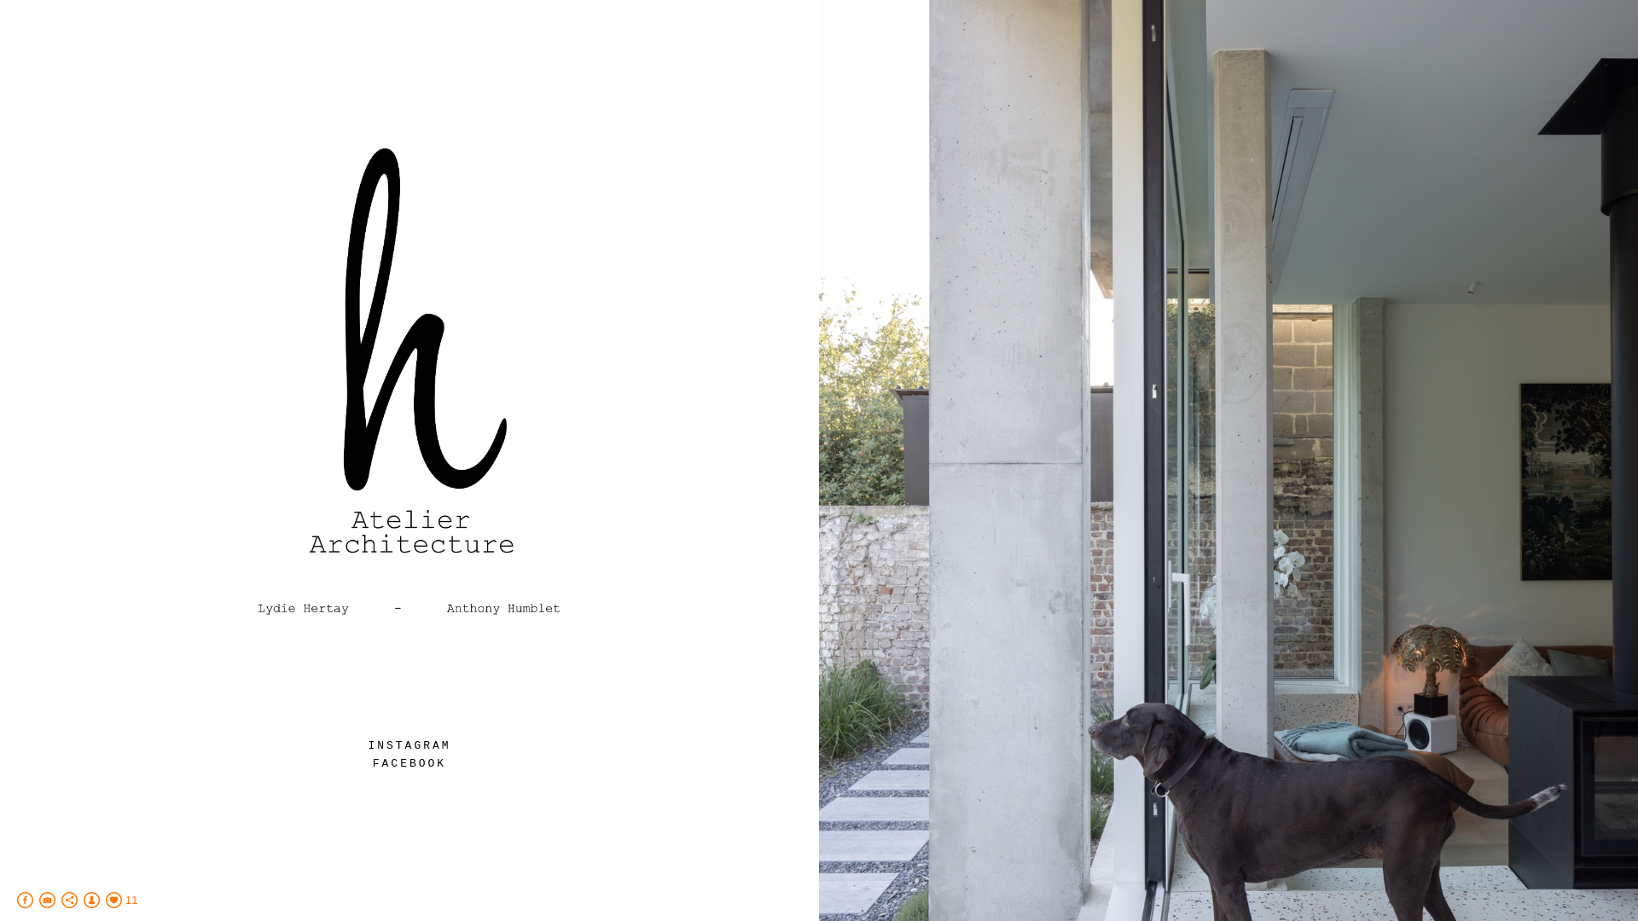  Describe the element at coordinates (371, 762) in the screenshot. I see `'FACEBOOK'` at that location.